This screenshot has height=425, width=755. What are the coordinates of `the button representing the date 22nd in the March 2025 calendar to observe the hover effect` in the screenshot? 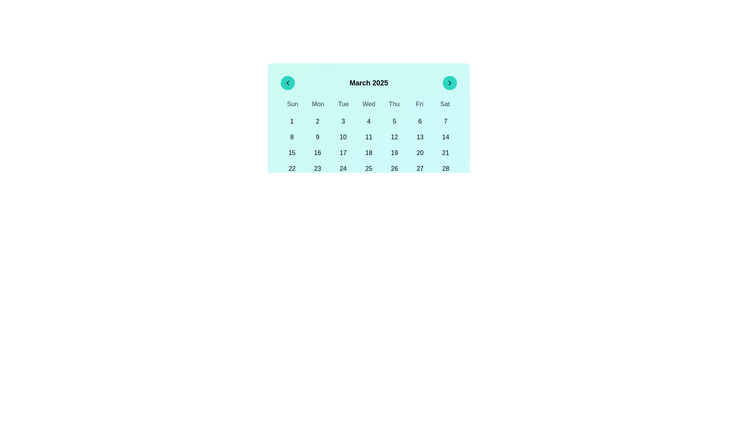 It's located at (291, 168).